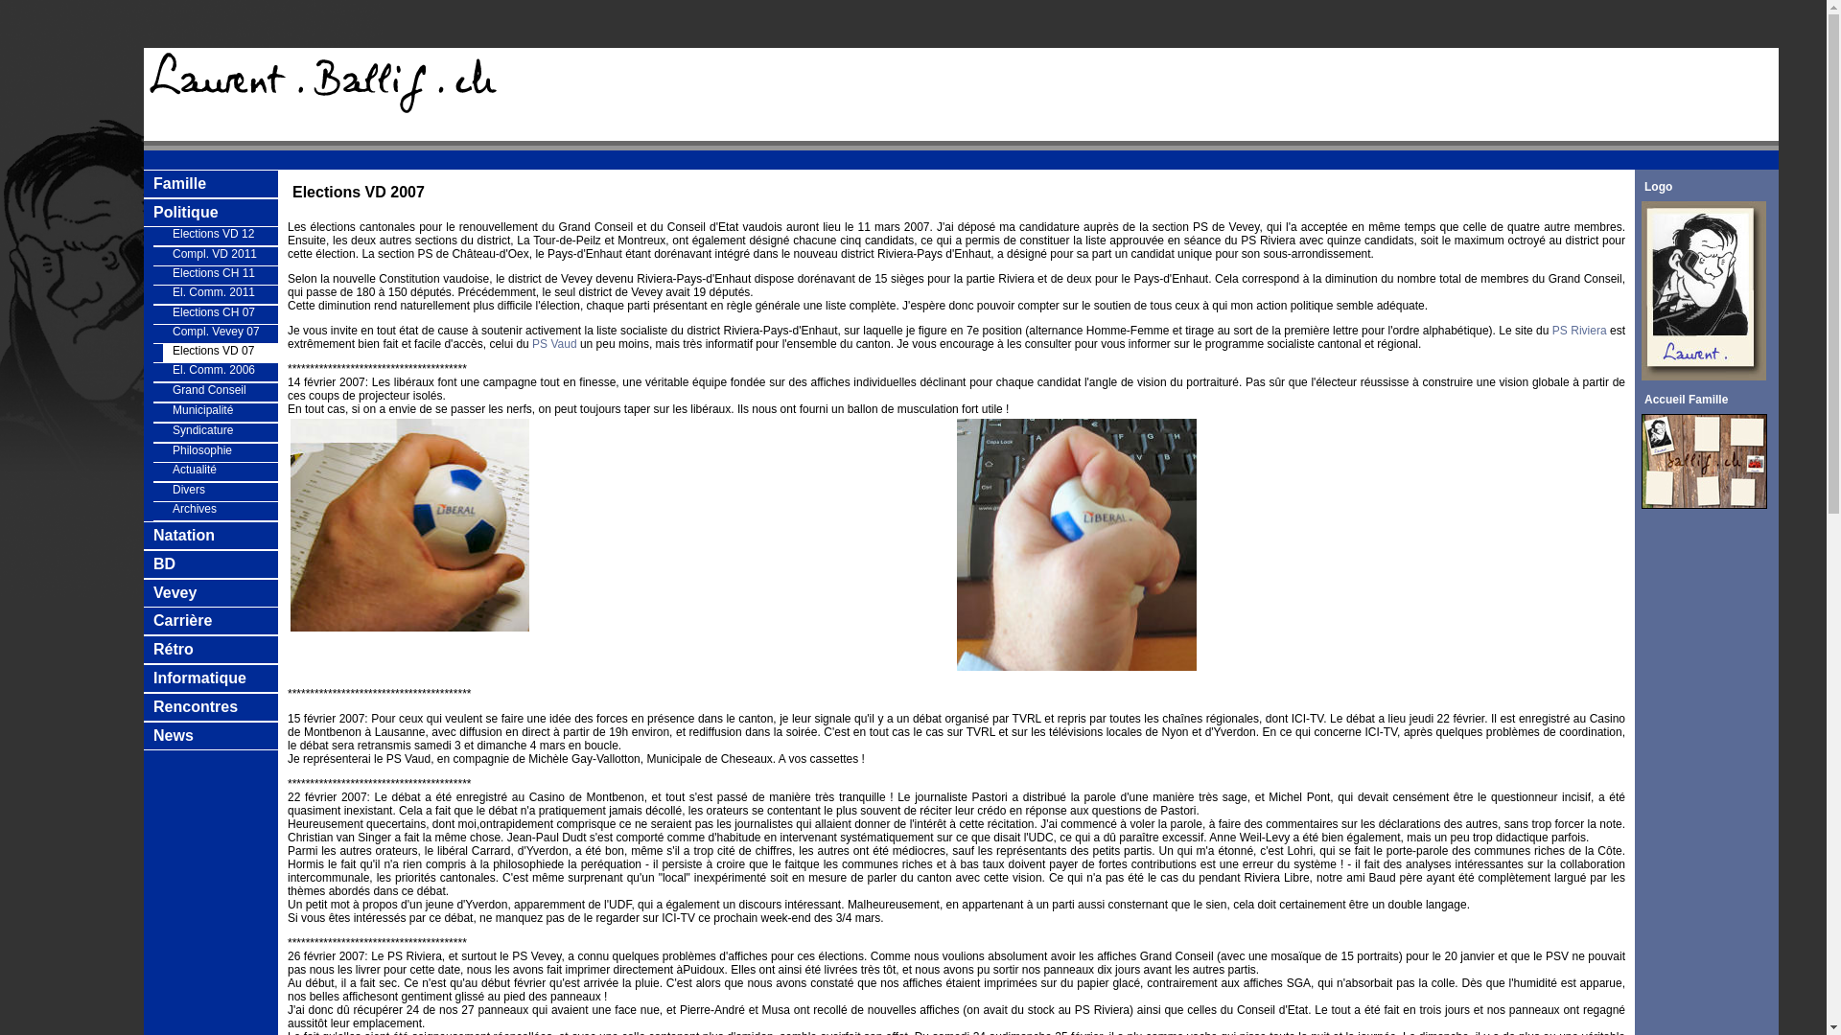  Describe the element at coordinates (175, 591) in the screenshot. I see `'Vevey'` at that location.